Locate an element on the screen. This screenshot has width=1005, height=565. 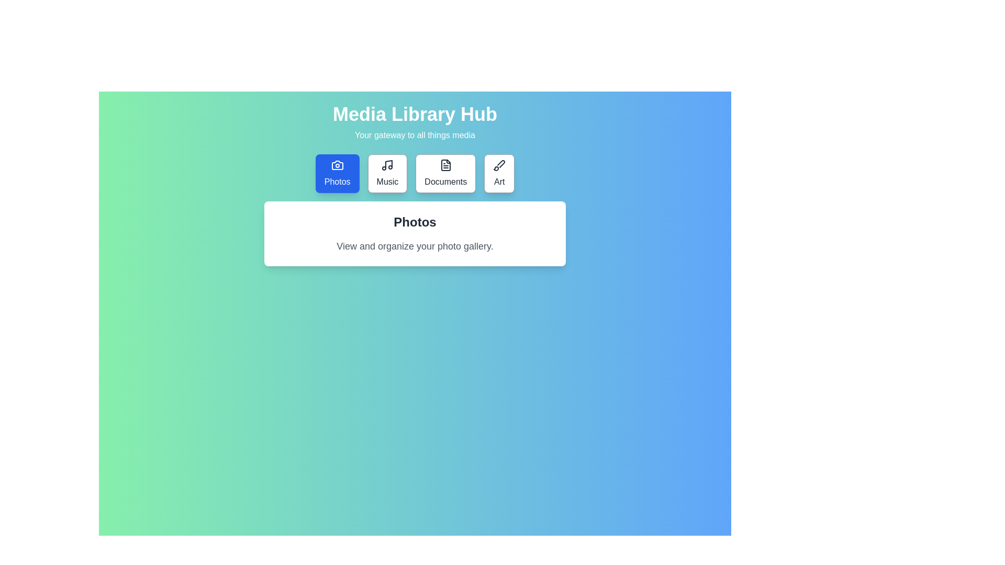
the Photos tab is located at coordinates (337, 173).